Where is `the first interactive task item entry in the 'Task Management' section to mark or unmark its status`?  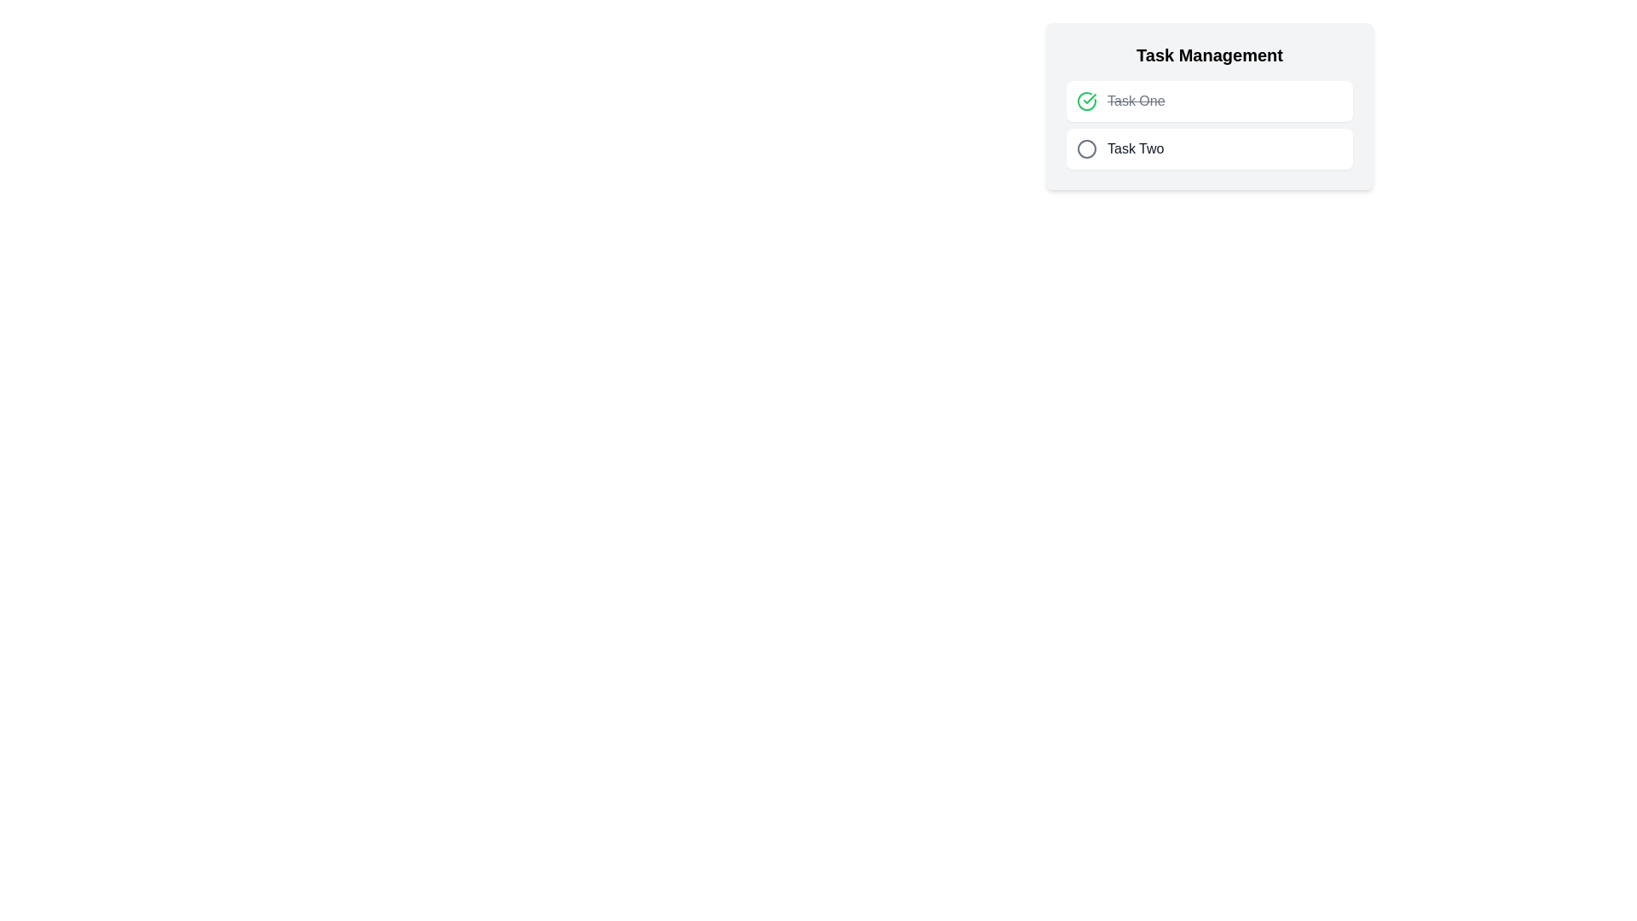
the first interactive task item entry in the 'Task Management' section to mark or unmark its status is located at coordinates (1209, 101).